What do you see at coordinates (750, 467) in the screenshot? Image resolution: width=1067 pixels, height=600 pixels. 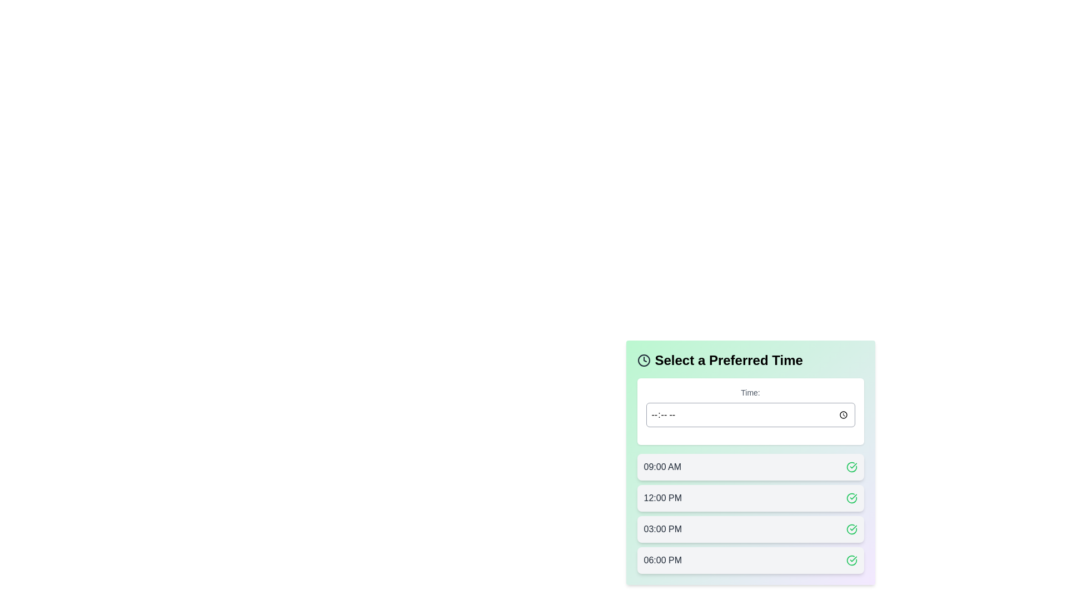 I see `the first selectable time option in the time picker interface that represents '09:00 AM'` at bounding box center [750, 467].